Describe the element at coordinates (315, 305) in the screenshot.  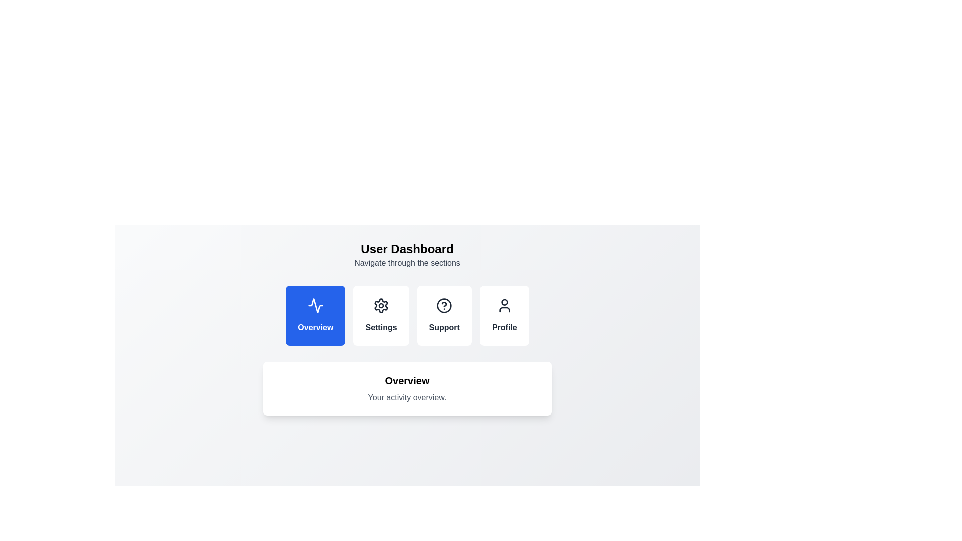
I see `the 'Overview' icon located in the first button of the navigation grid below the 'User Dashboard' heading` at that location.